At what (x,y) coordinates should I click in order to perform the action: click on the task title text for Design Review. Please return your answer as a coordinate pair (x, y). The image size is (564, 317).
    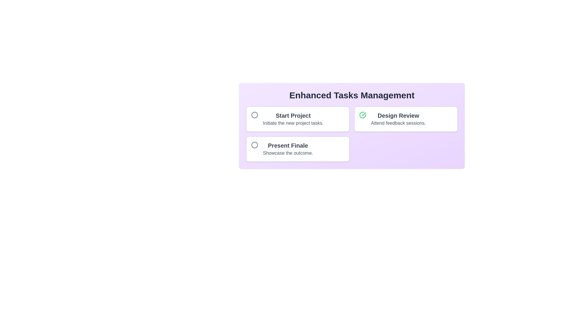
    Looking at the image, I should click on (398, 115).